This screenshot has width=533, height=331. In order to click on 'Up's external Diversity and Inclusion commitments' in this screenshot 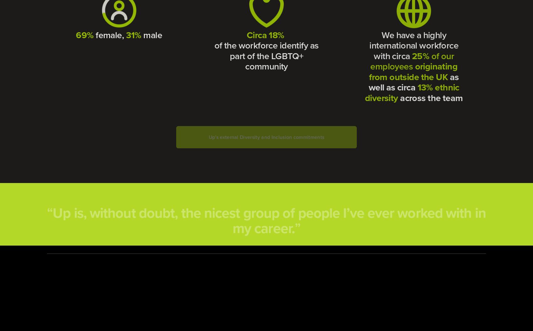, I will do `click(266, 133)`.